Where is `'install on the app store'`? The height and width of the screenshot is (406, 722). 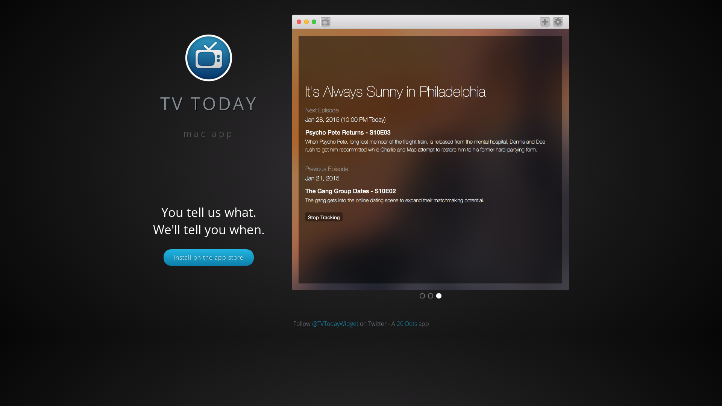
'install on the app store' is located at coordinates (209, 257).